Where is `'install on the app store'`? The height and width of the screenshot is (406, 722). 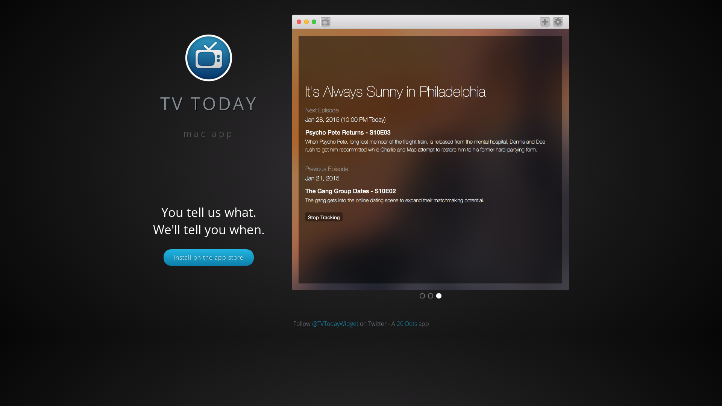
'install on the app store' is located at coordinates (209, 257).